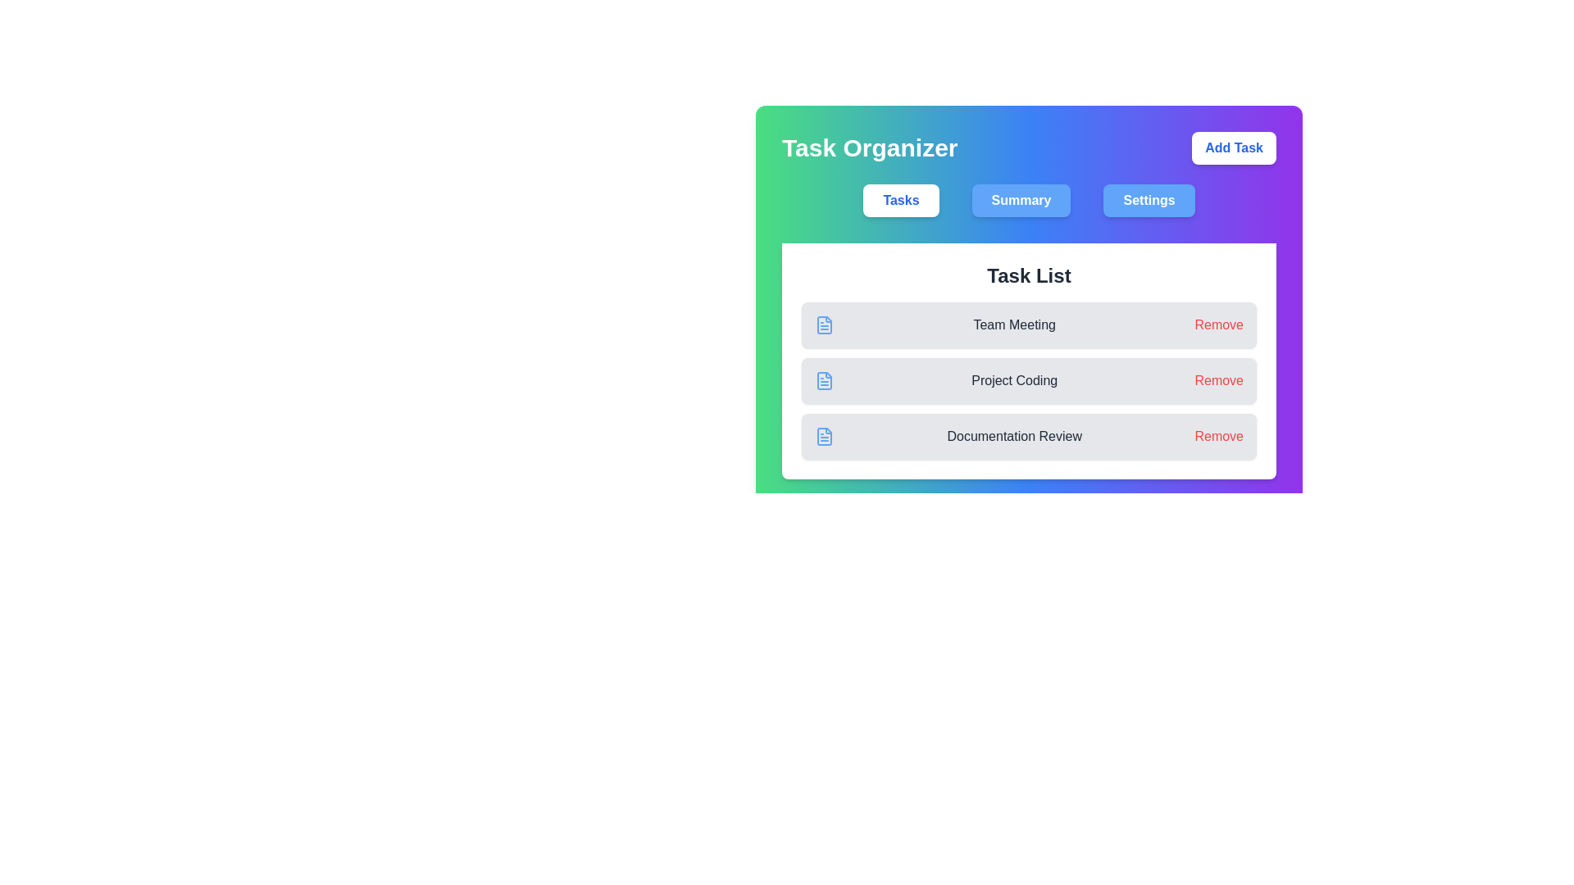  I want to click on the 'Tasks' button, which is the leftmost button in a group of three buttons located near the top center of the interface, so click(900, 200).